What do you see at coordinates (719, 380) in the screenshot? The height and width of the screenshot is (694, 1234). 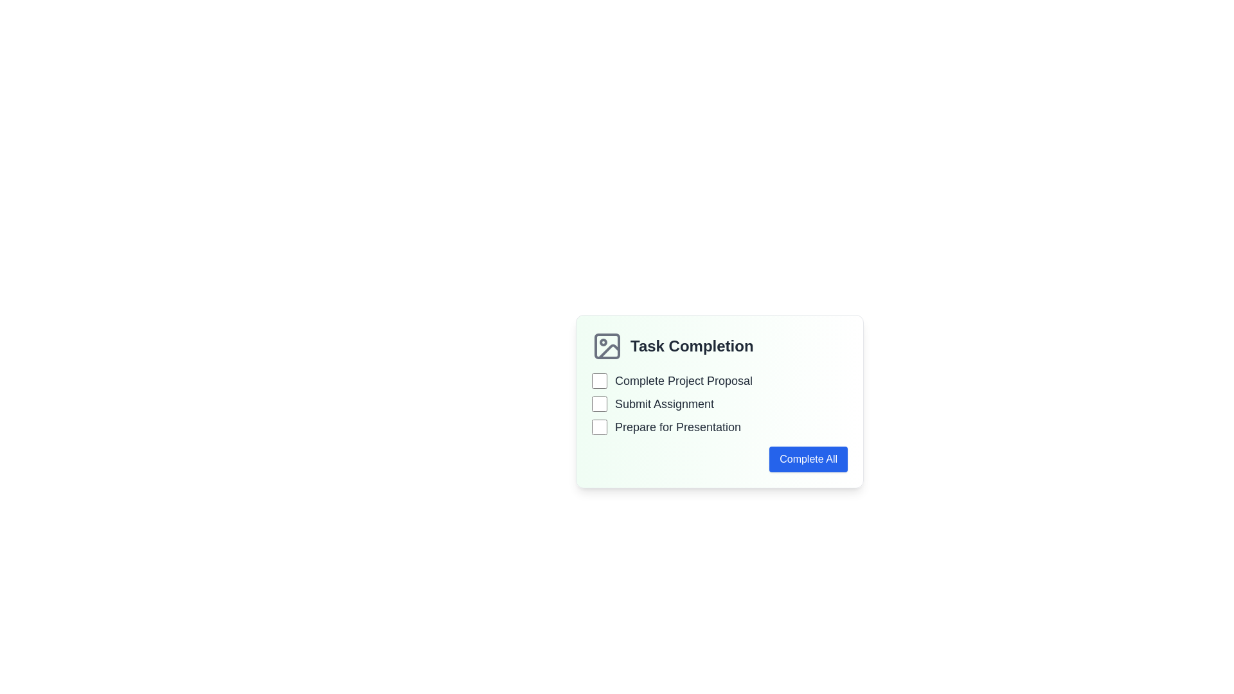 I see `the text label 'Complete Project Proposal' associated with the checkbox` at bounding box center [719, 380].